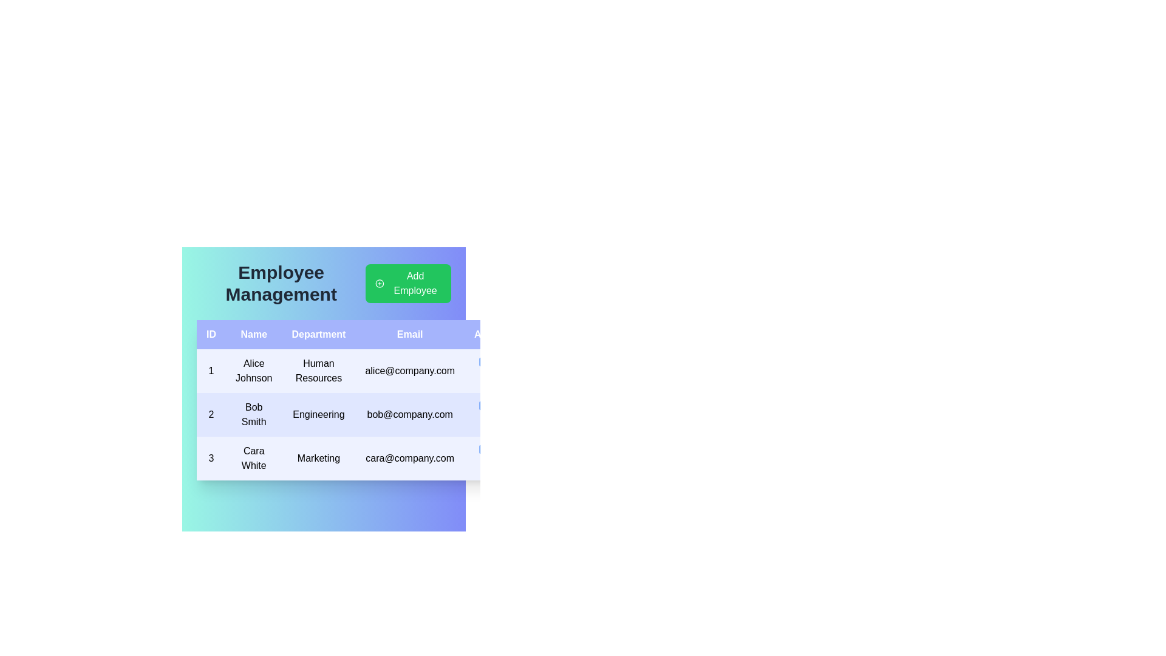  Describe the element at coordinates (357, 400) in the screenshot. I see `a cell within the employee information data table located centrally below the 'Employee Management' title and adjacent to the 'Add Employee' button` at that location.